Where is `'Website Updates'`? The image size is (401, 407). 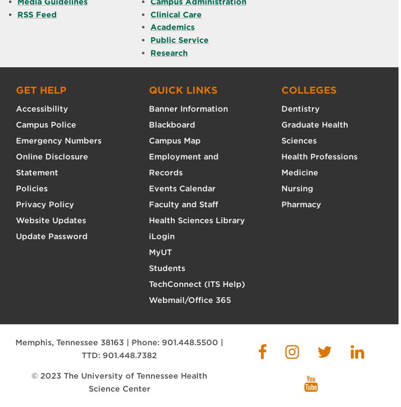
'Website Updates' is located at coordinates (16, 220).